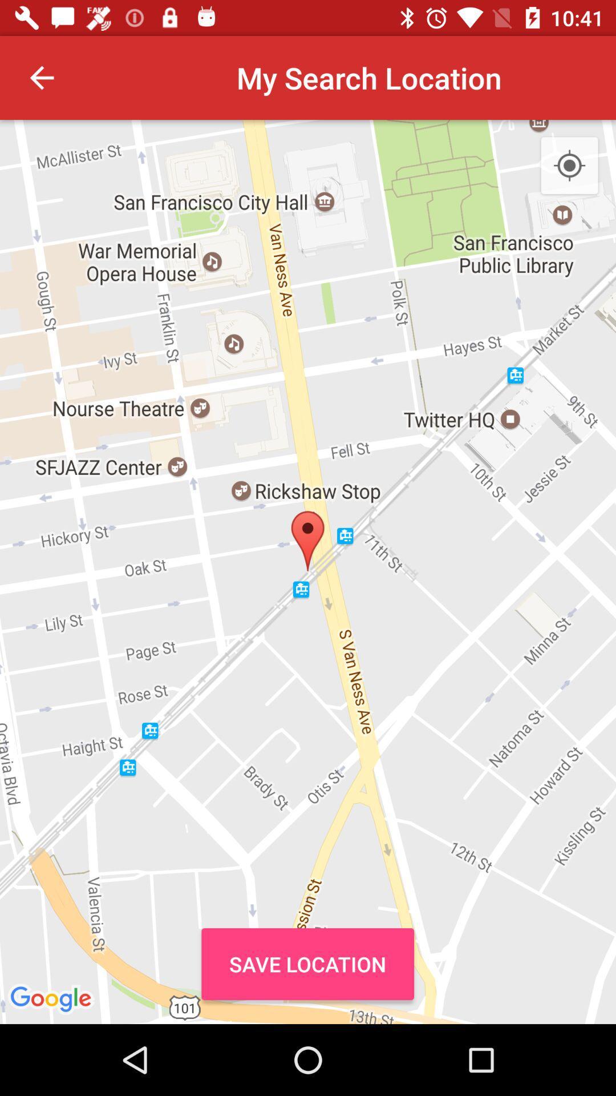  What do you see at coordinates (569, 166) in the screenshot?
I see `the location_crosshair icon` at bounding box center [569, 166].